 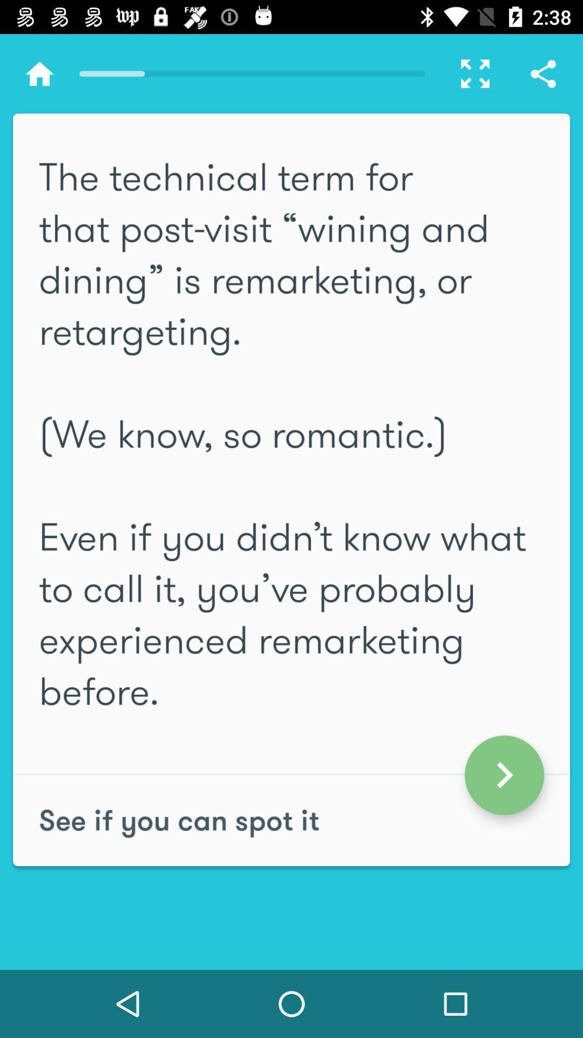 What do you see at coordinates (469, 73) in the screenshot?
I see `the fullscreen icon` at bounding box center [469, 73].